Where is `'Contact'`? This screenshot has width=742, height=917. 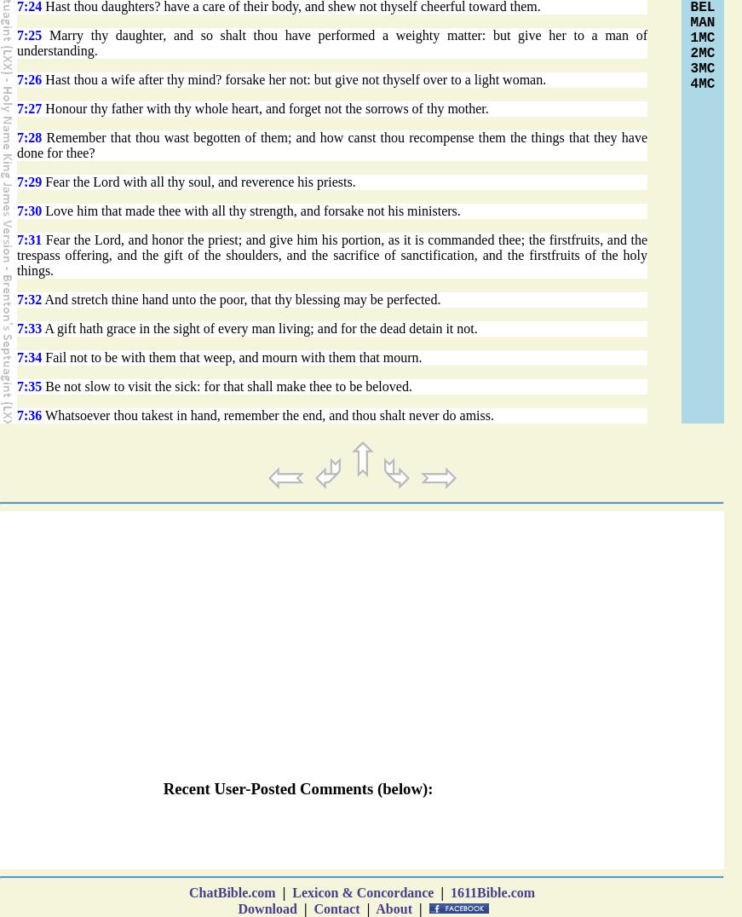 'Contact' is located at coordinates (335, 908).